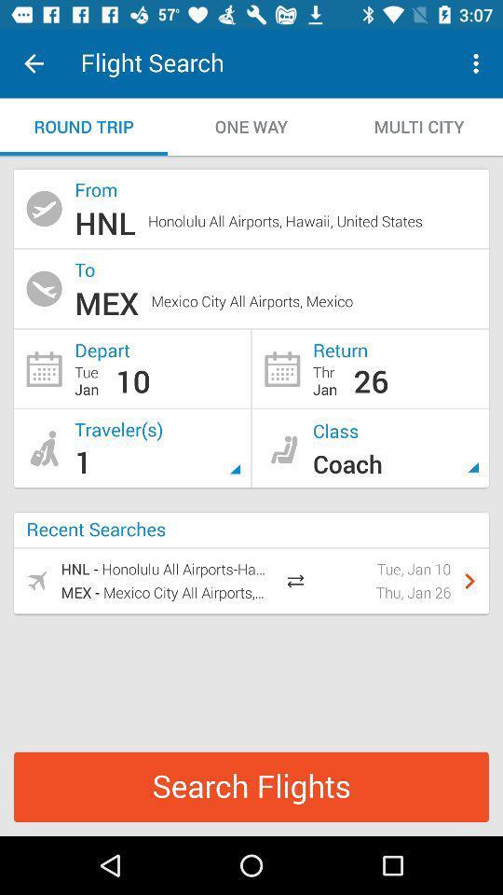 The height and width of the screenshot is (895, 503). Describe the element at coordinates (251, 126) in the screenshot. I see `icon next to the round trip item` at that location.